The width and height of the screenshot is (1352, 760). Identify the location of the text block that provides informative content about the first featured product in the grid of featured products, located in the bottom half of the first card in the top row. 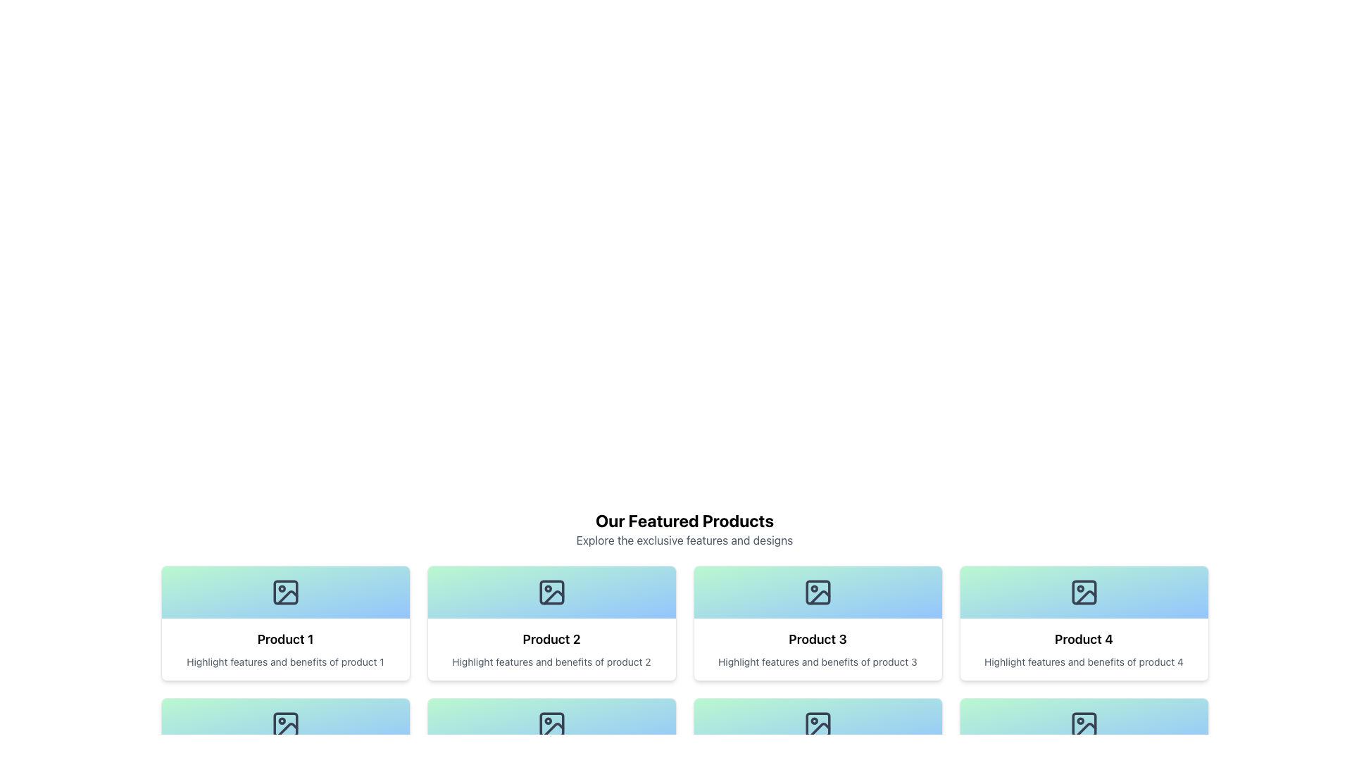
(284, 649).